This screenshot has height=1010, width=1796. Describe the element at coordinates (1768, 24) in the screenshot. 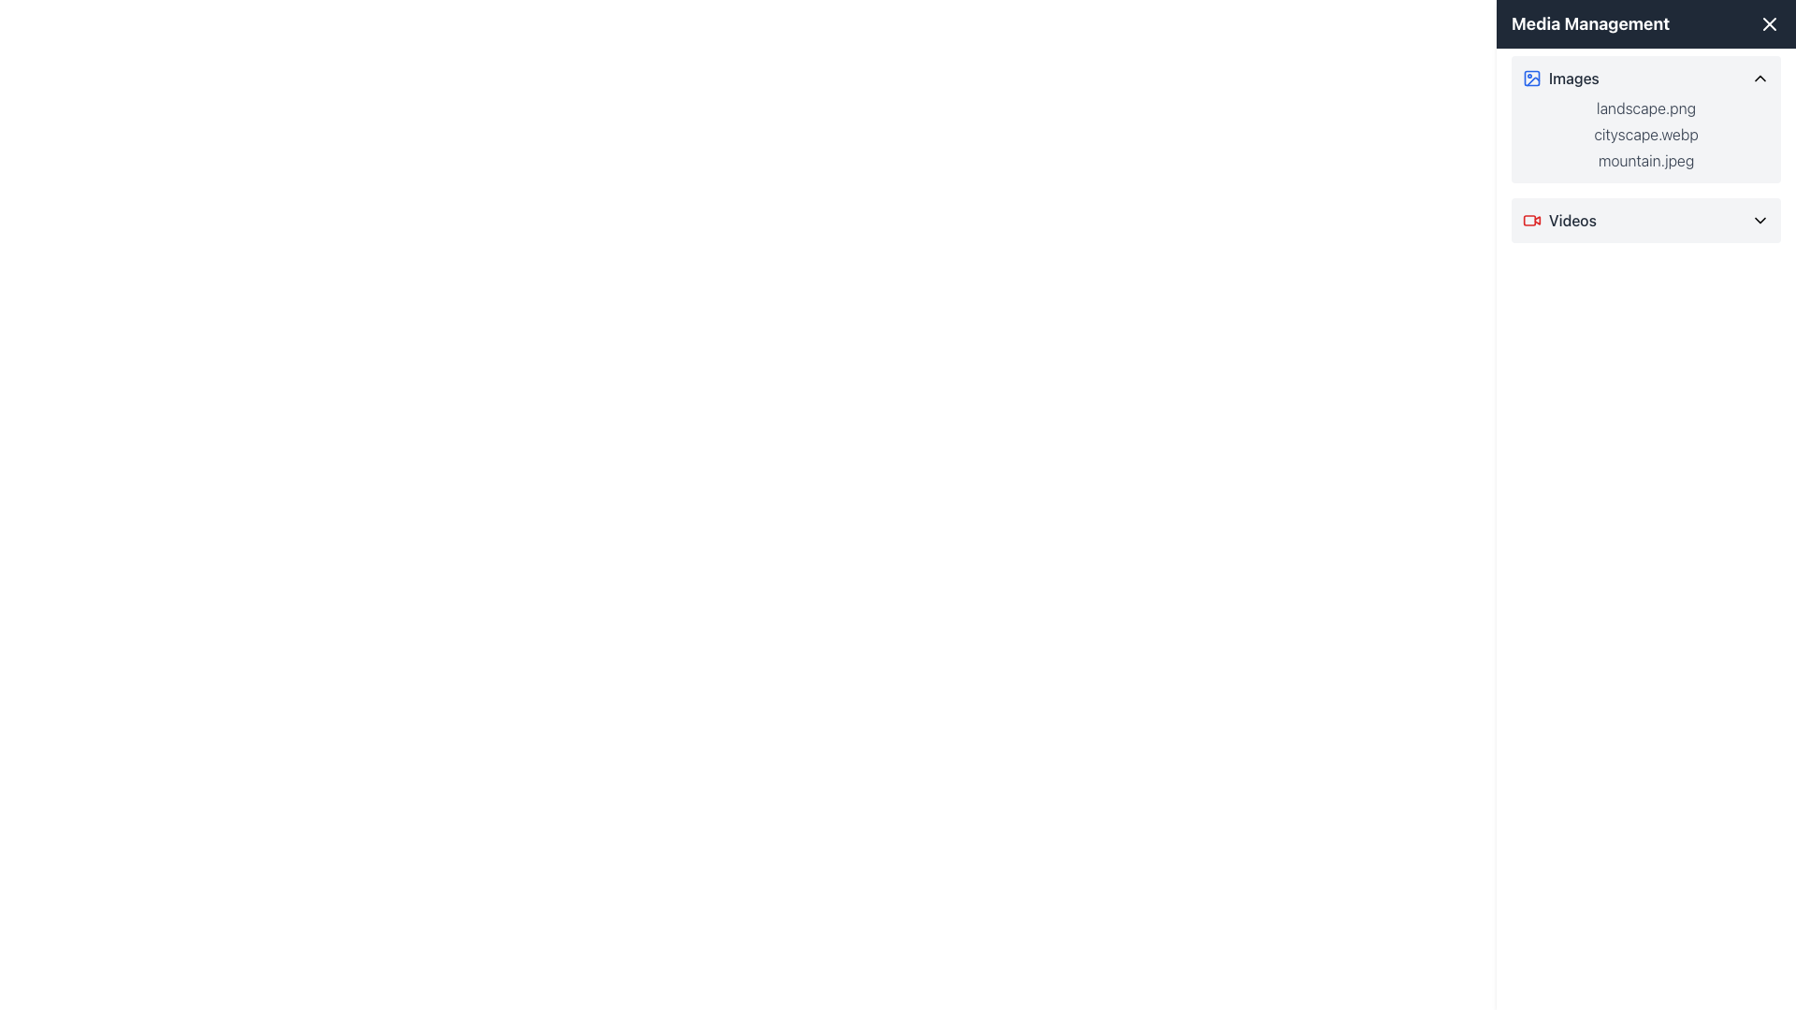

I see `the close button represented by an 'X' icon, located in the top-right corner of the 'Media Management' header bar` at that location.